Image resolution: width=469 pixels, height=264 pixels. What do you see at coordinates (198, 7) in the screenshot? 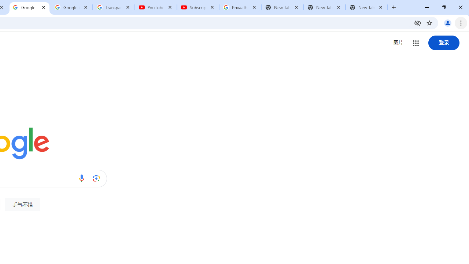
I see `'Subscriptions - YouTube'` at bounding box center [198, 7].